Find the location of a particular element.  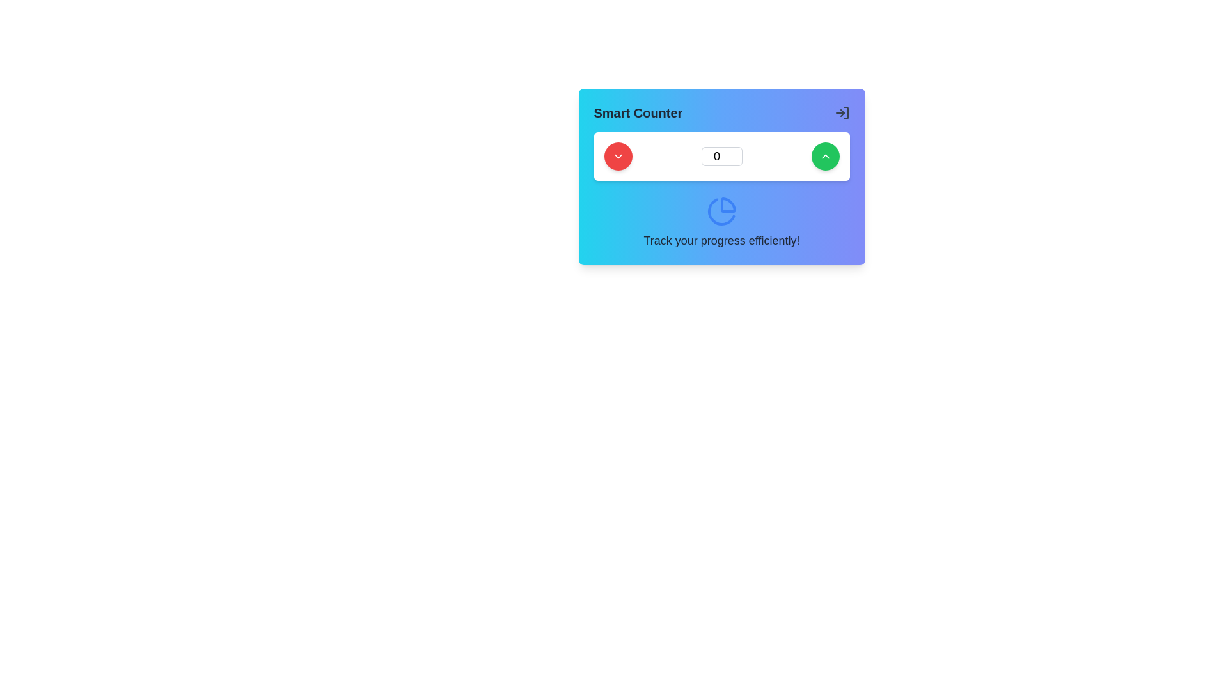

the icon located in the rightmost part of the header section of the 'Smart Counter' widget to initiate navigation is located at coordinates (842, 112).